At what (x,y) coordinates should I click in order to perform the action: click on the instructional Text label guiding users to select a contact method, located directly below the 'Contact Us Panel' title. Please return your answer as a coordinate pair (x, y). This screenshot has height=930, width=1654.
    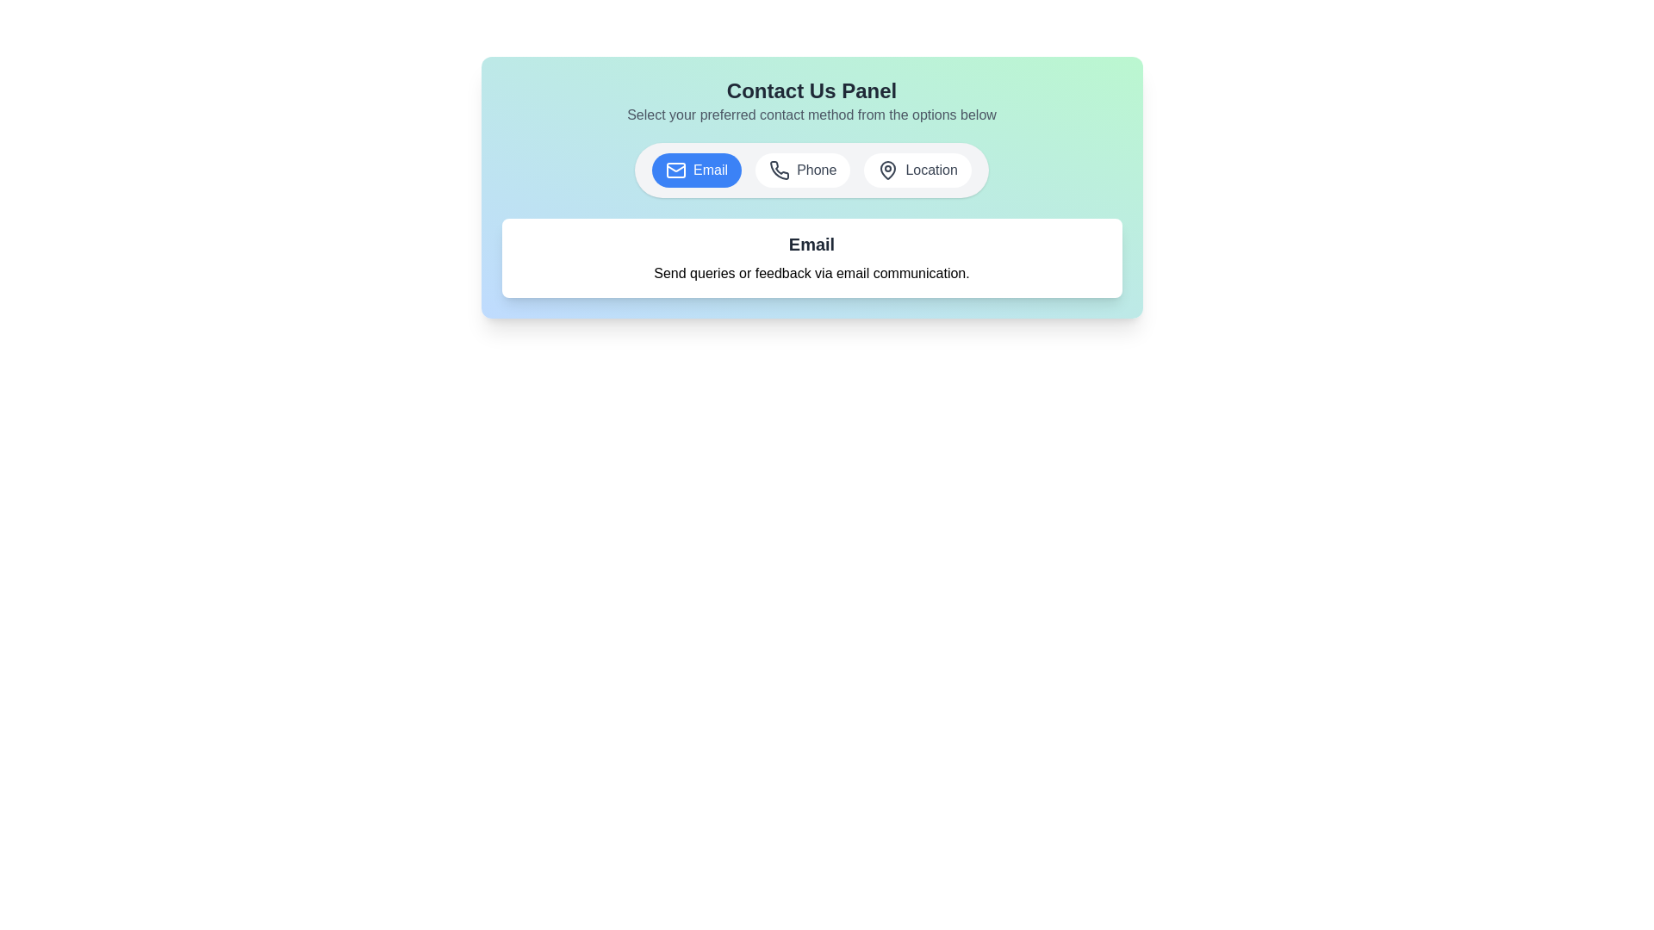
    Looking at the image, I should click on (811, 115).